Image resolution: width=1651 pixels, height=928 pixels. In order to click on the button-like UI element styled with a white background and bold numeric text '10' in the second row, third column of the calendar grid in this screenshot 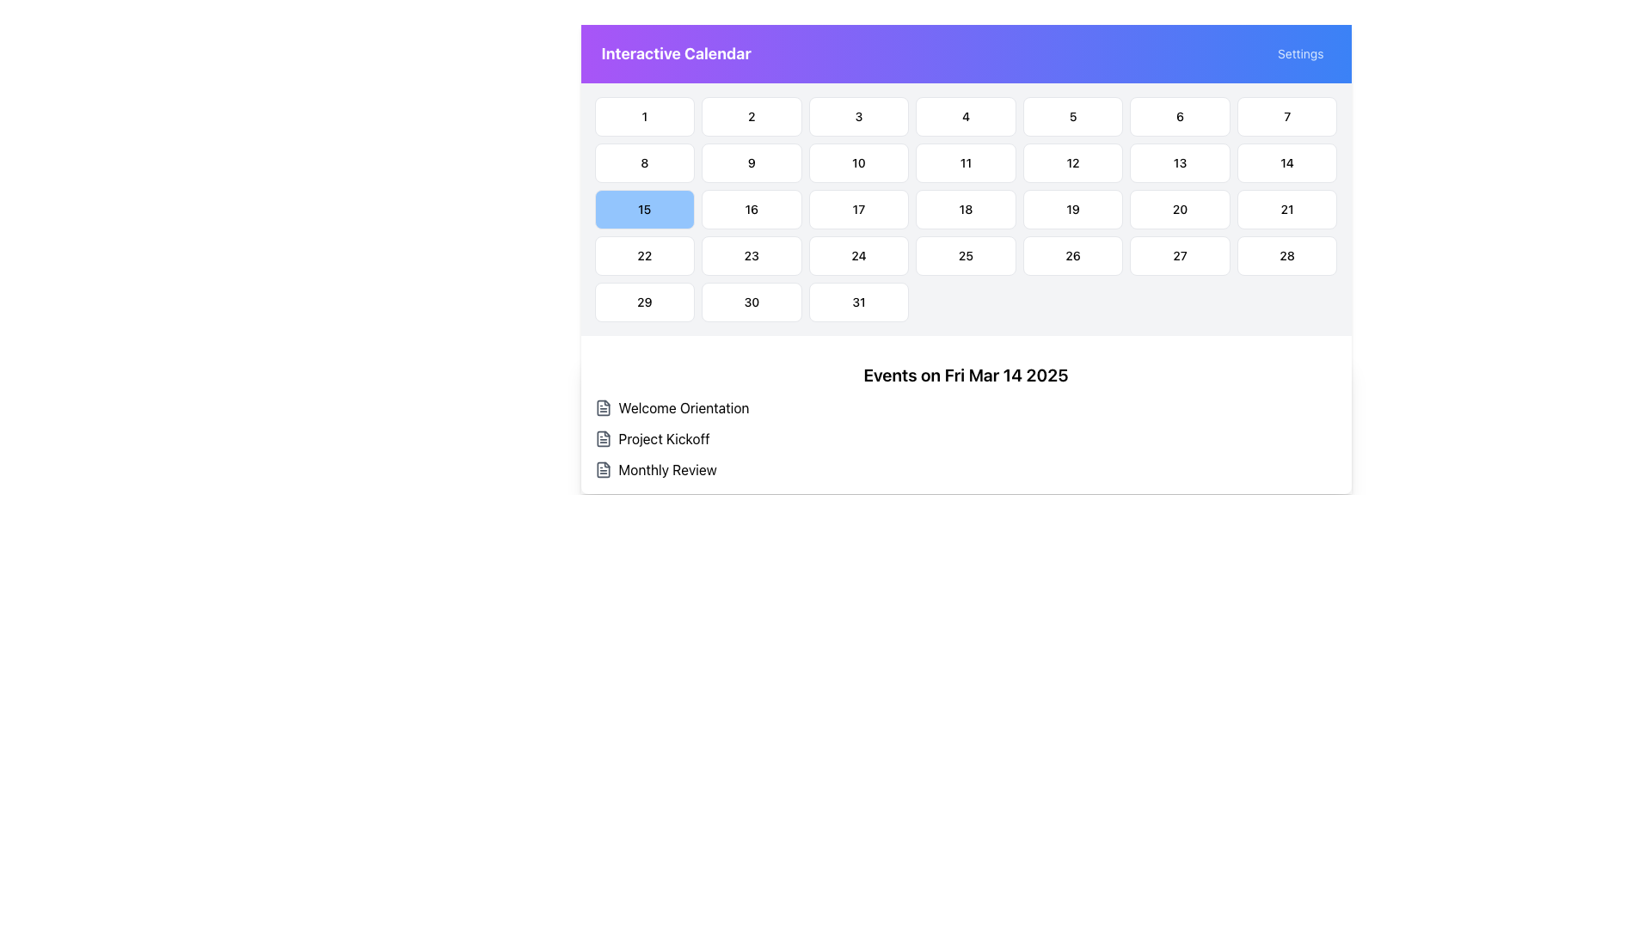, I will do `click(858, 162)`.